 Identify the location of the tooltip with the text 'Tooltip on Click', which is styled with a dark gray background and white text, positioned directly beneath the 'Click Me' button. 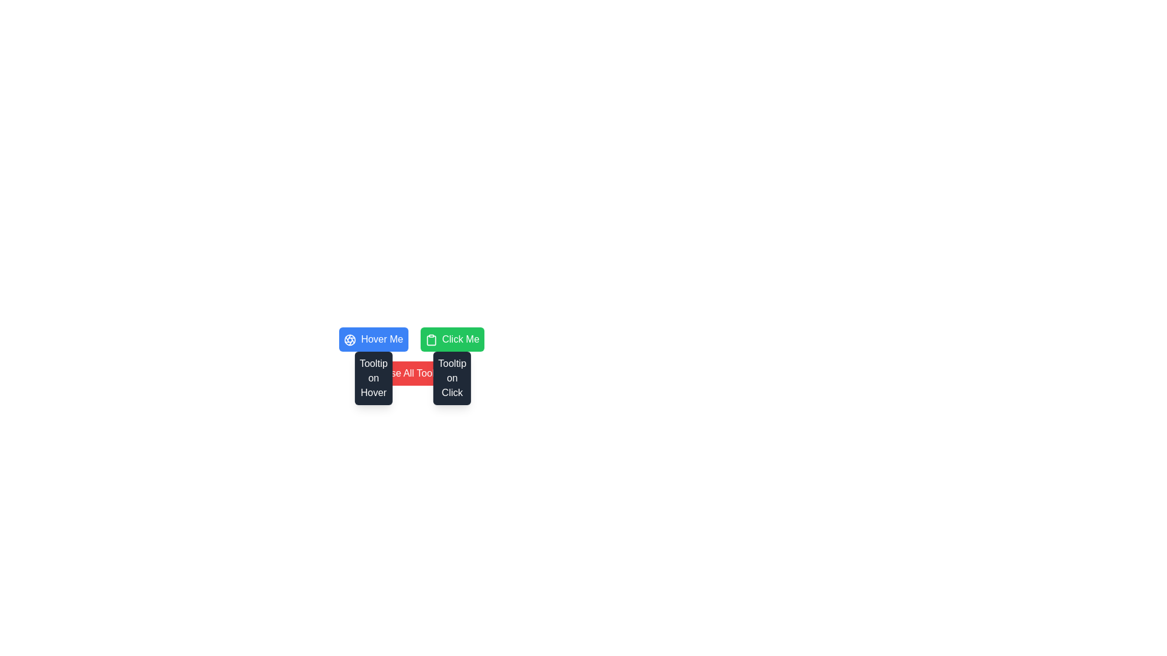
(452, 378).